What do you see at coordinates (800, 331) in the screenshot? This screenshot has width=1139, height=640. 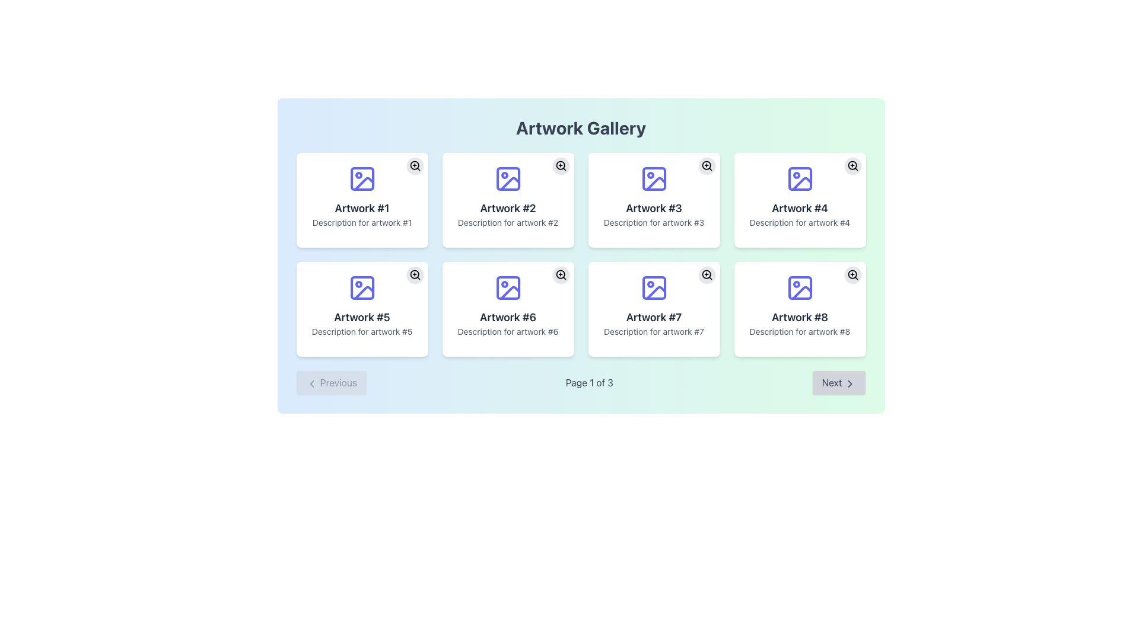 I see `text component displaying 'Description for artwork #8', which is styled in gray and located below the title 'Artwork #8' in the bottom-right position of the artwork grid` at bounding box center [800, 331].